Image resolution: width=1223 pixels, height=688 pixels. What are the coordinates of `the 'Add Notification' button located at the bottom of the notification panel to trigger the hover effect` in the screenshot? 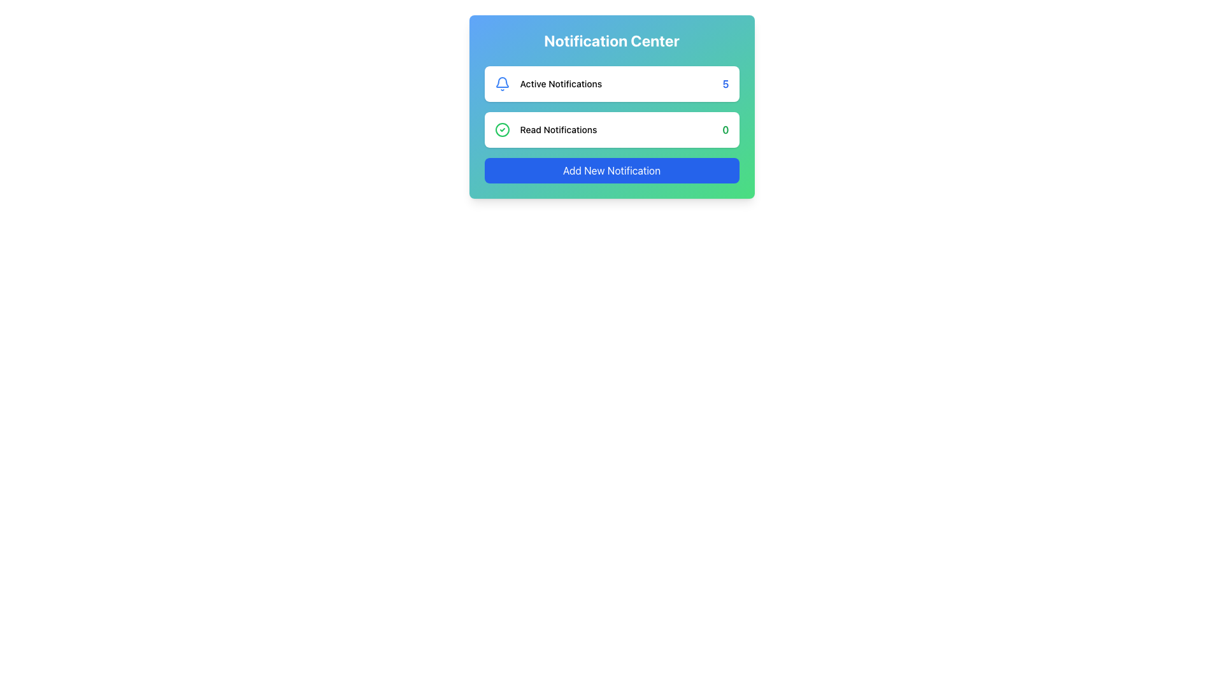 It's located at (611, 169).